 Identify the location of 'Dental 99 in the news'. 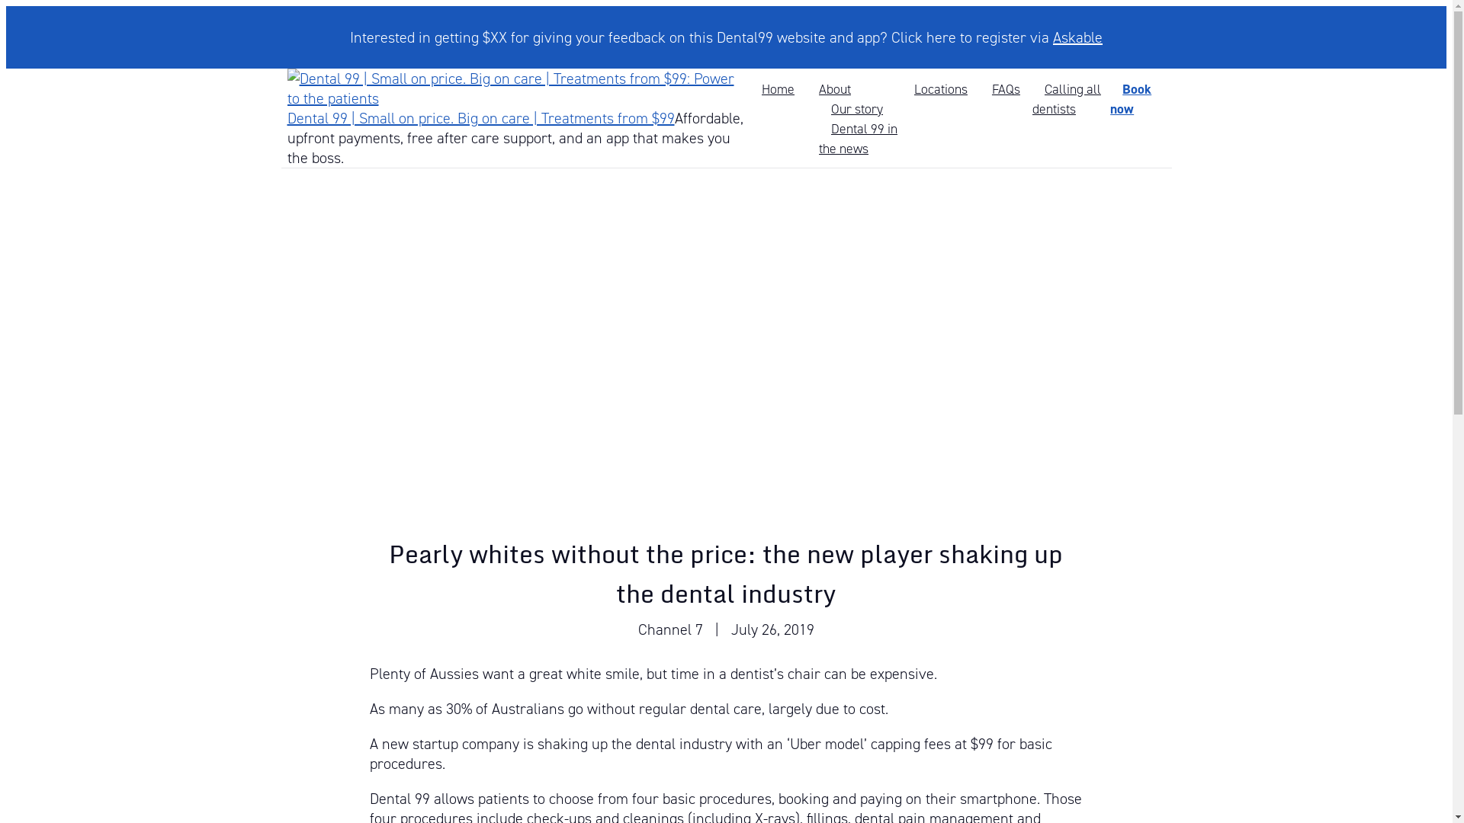
(858, 138).